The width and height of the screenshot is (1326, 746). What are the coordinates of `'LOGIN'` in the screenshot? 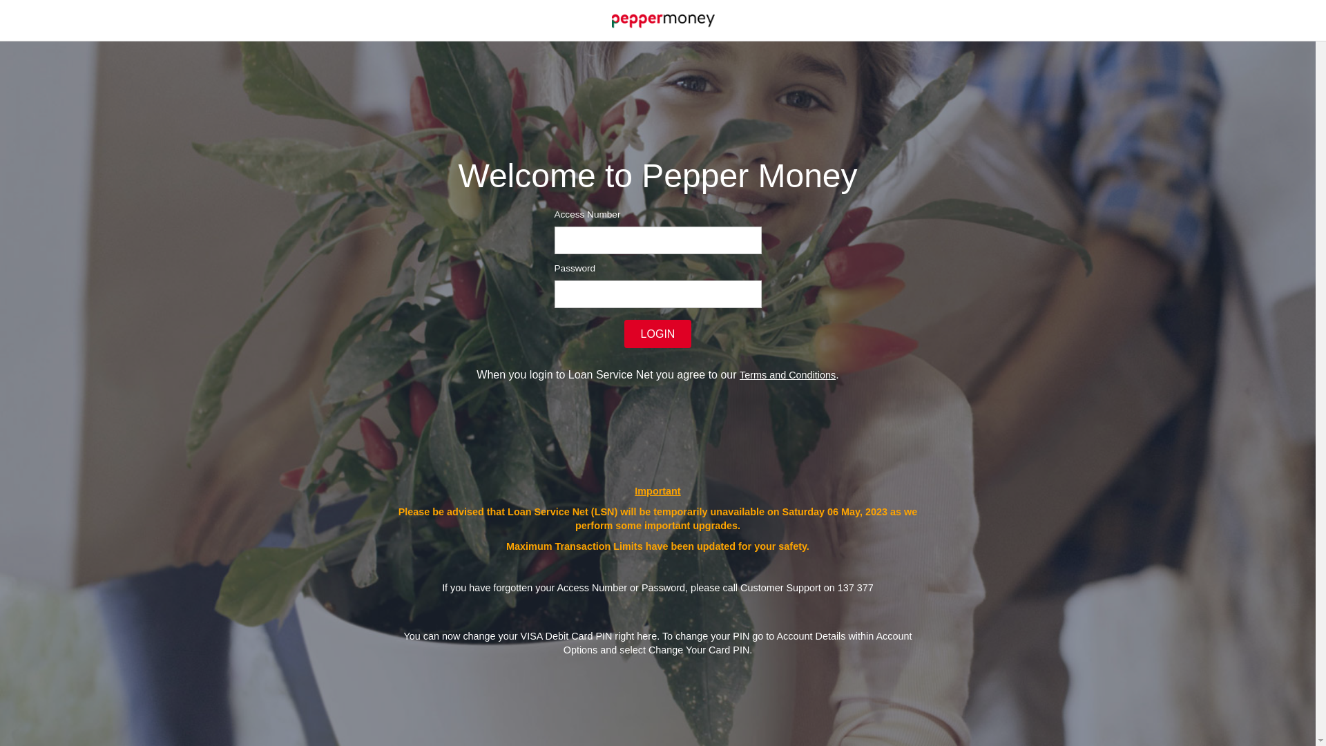 It's located at (623, 334).